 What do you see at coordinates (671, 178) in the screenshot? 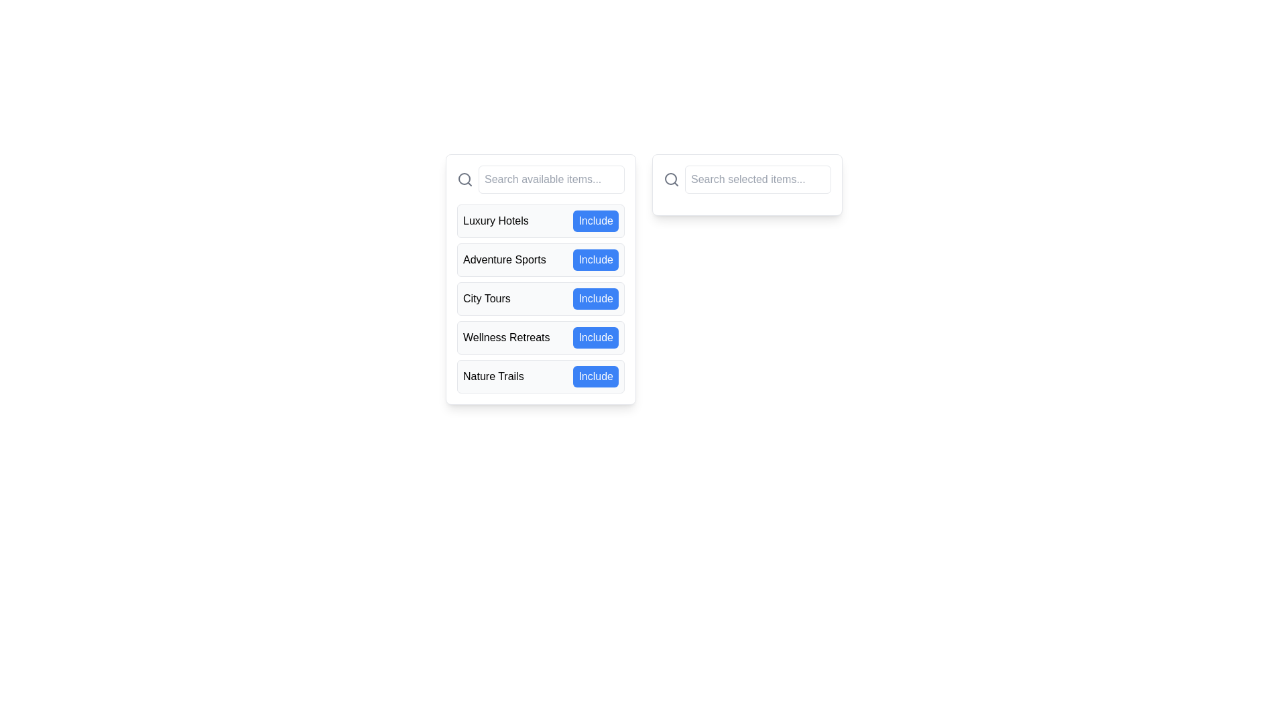
I see `the central circular element of the magnifying glass icon used for search functionality` at bounding box center [671, 178].